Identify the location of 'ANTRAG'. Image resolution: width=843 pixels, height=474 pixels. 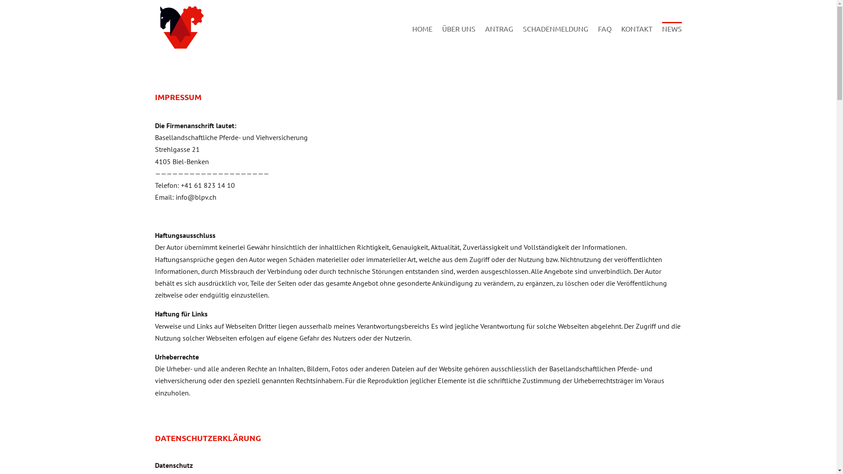
(499, 39).